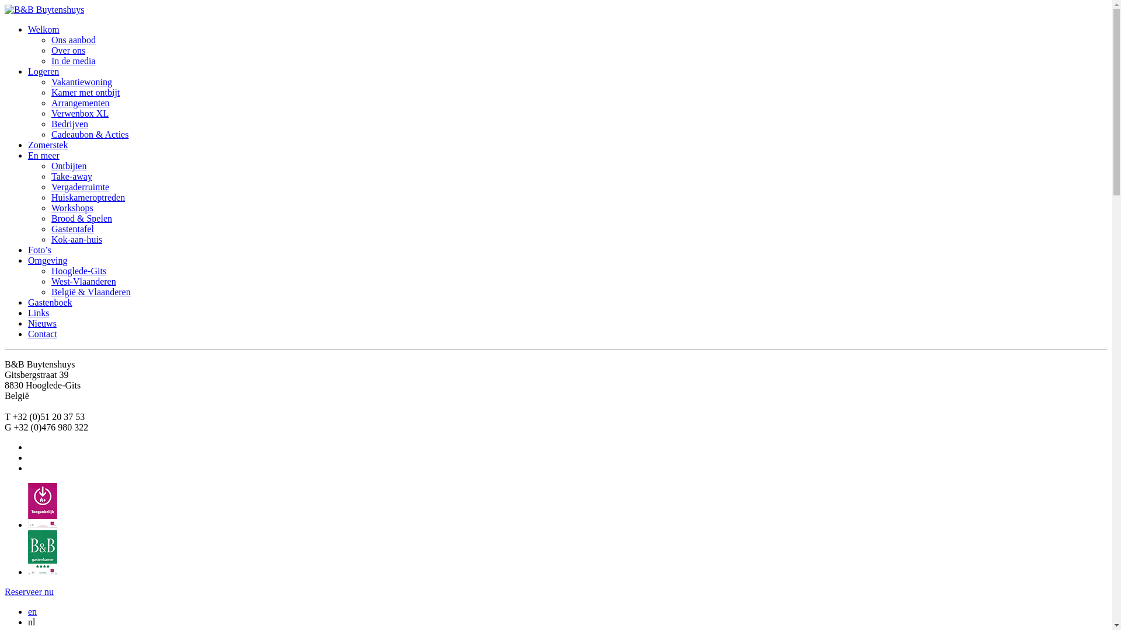 This screenshot has width=1121, height=630. Describe the element at coordinates (72, 229) in the screenshot. I see `'Gastentafel'` at that location.